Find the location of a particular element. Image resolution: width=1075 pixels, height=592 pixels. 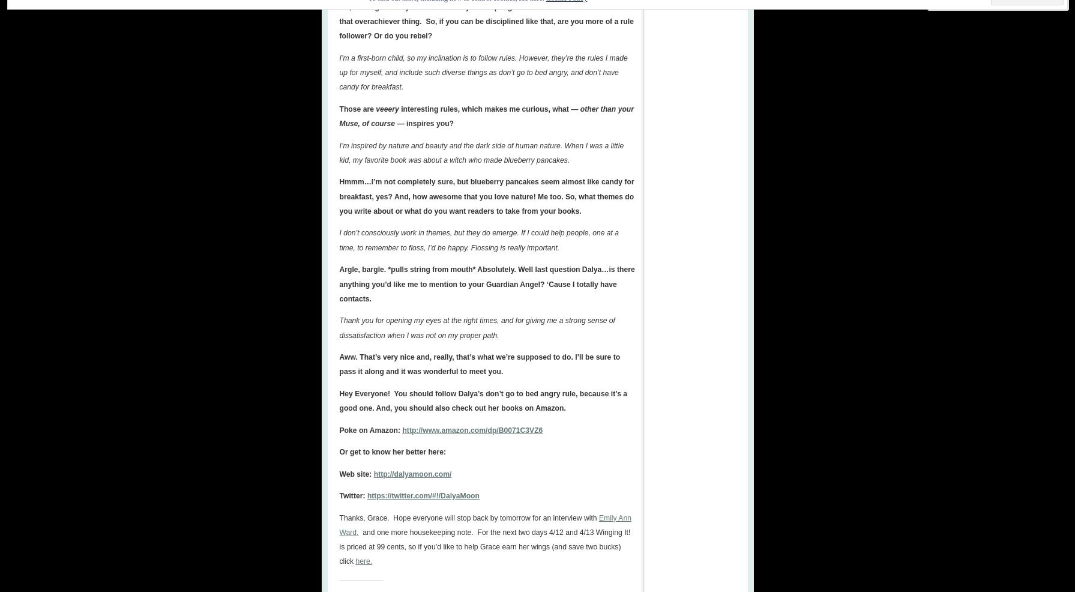

'http://dalyamoon.com/' is located at coordinates (412, 473).